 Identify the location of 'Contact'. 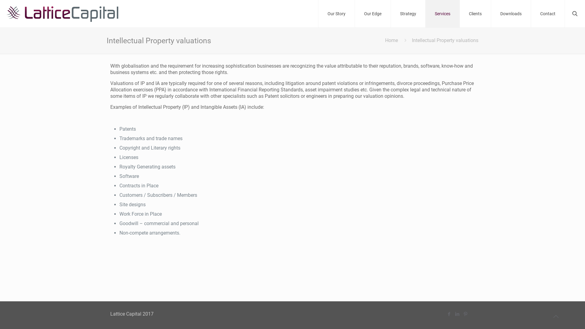
(548, 14).